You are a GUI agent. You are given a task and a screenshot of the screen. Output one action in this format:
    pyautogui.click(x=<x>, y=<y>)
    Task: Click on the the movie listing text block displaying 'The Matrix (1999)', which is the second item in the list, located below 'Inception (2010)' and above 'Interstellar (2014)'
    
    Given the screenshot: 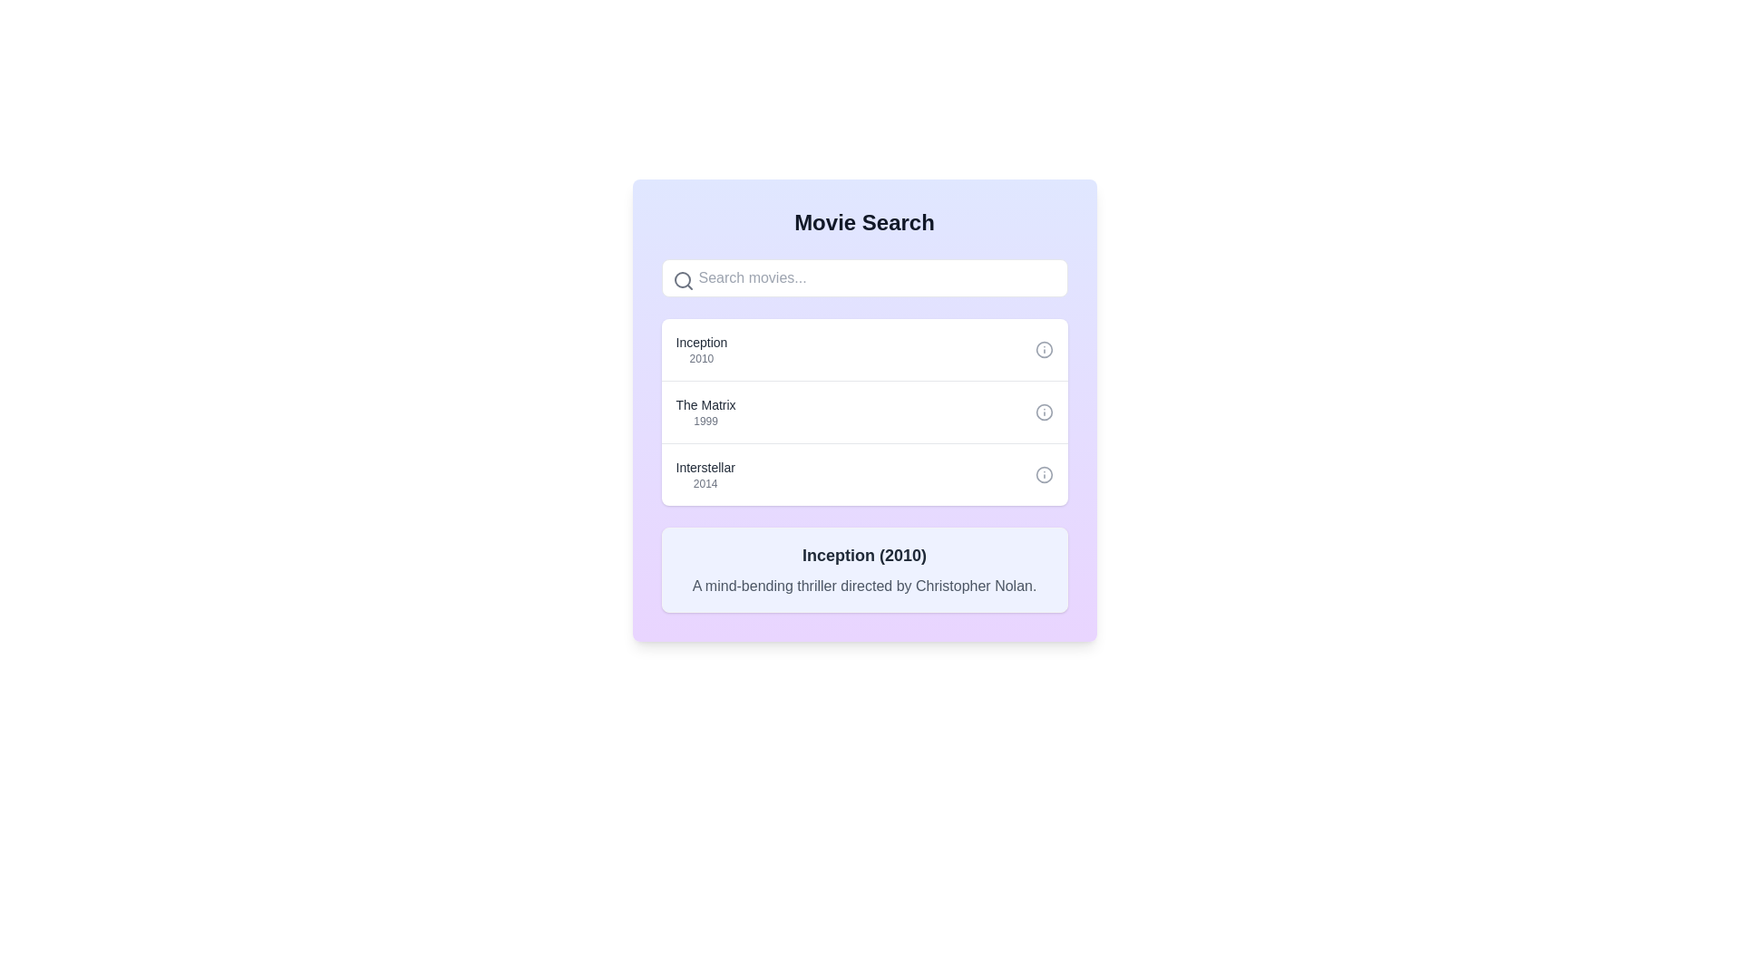 What is the action you would take?
    pyautogui.click(x=705, y=412)
    